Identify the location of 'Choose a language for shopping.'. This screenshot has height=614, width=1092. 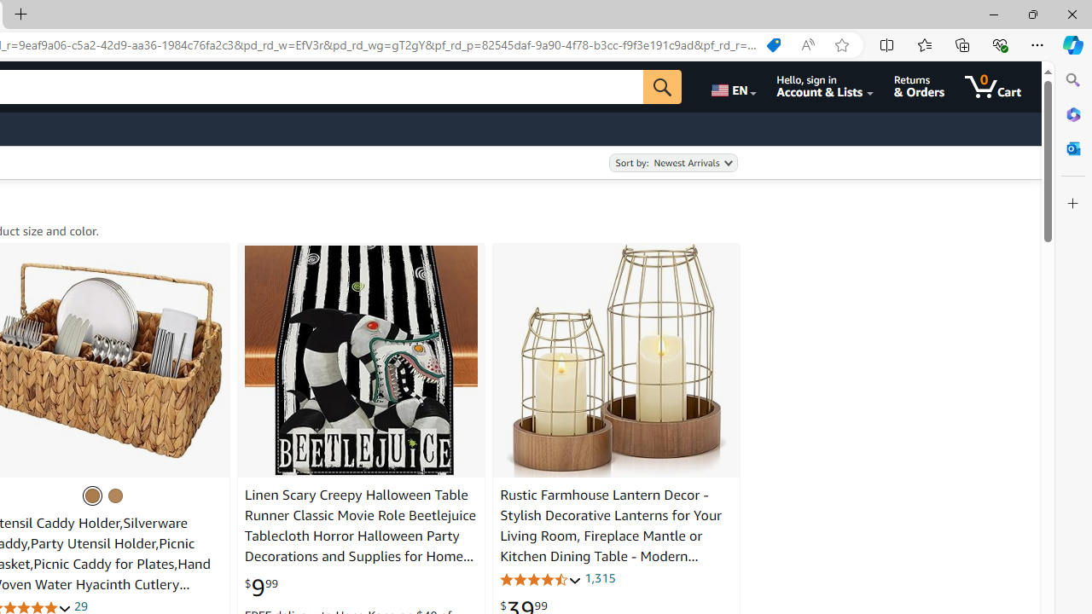
(732, 86).